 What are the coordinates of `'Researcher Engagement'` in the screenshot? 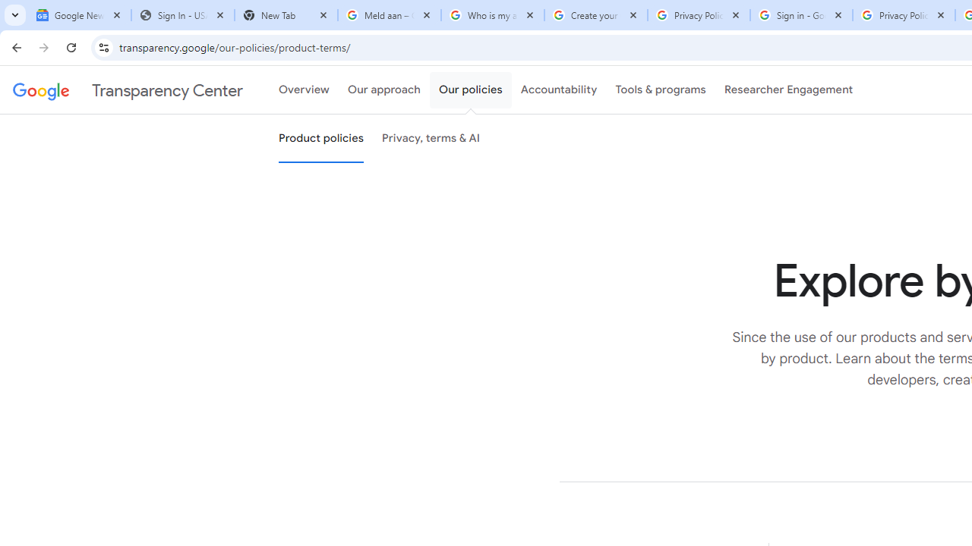 It's located at (788, 90).